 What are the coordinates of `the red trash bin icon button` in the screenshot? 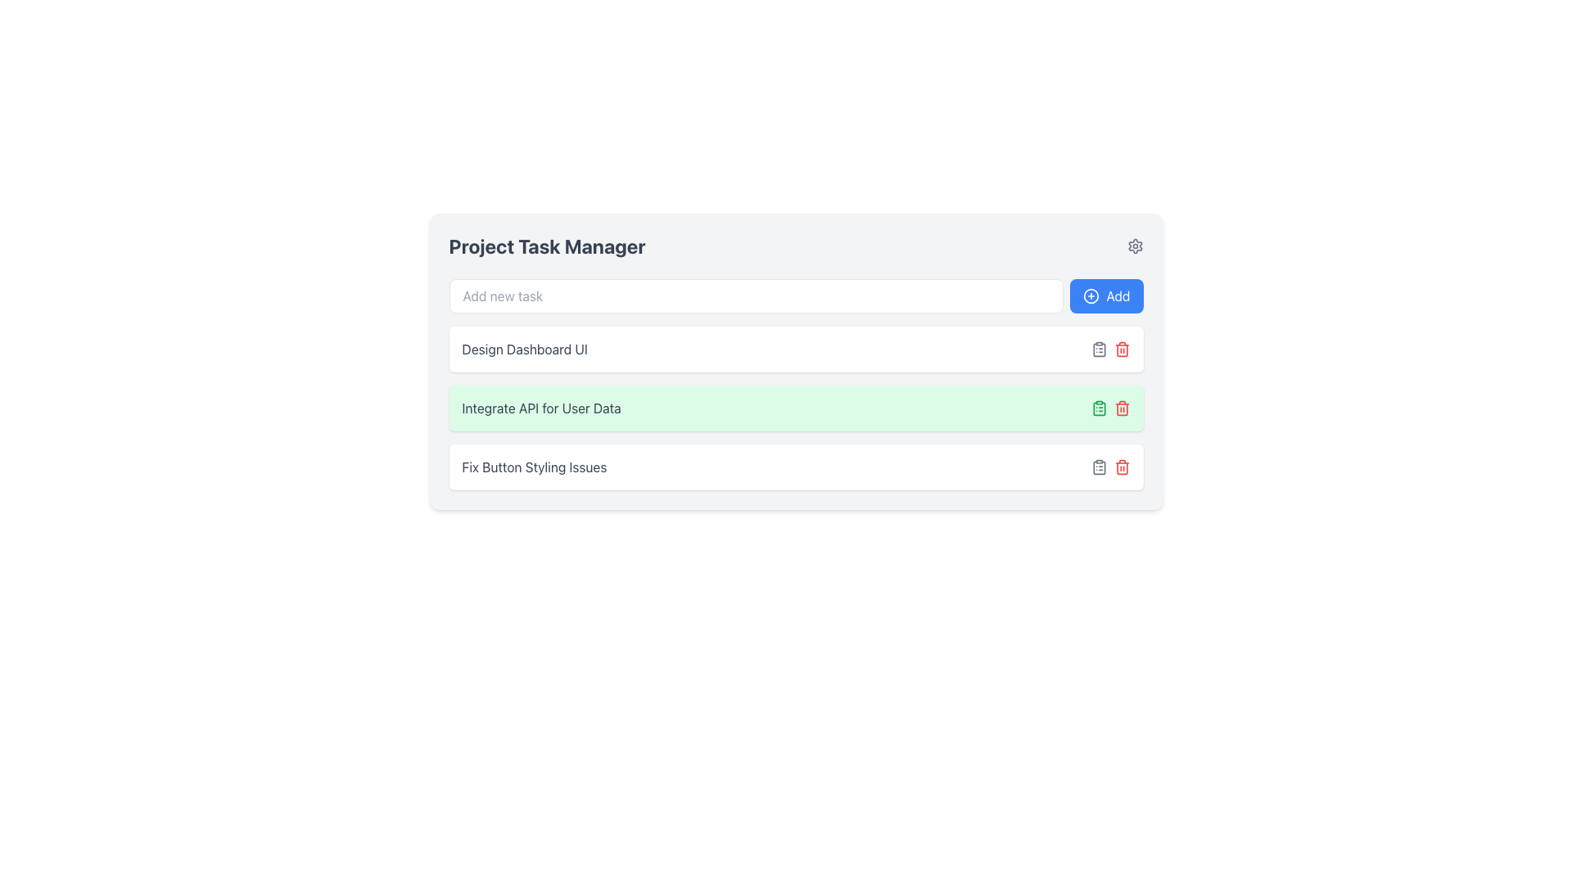 It's located at (1121, 349).